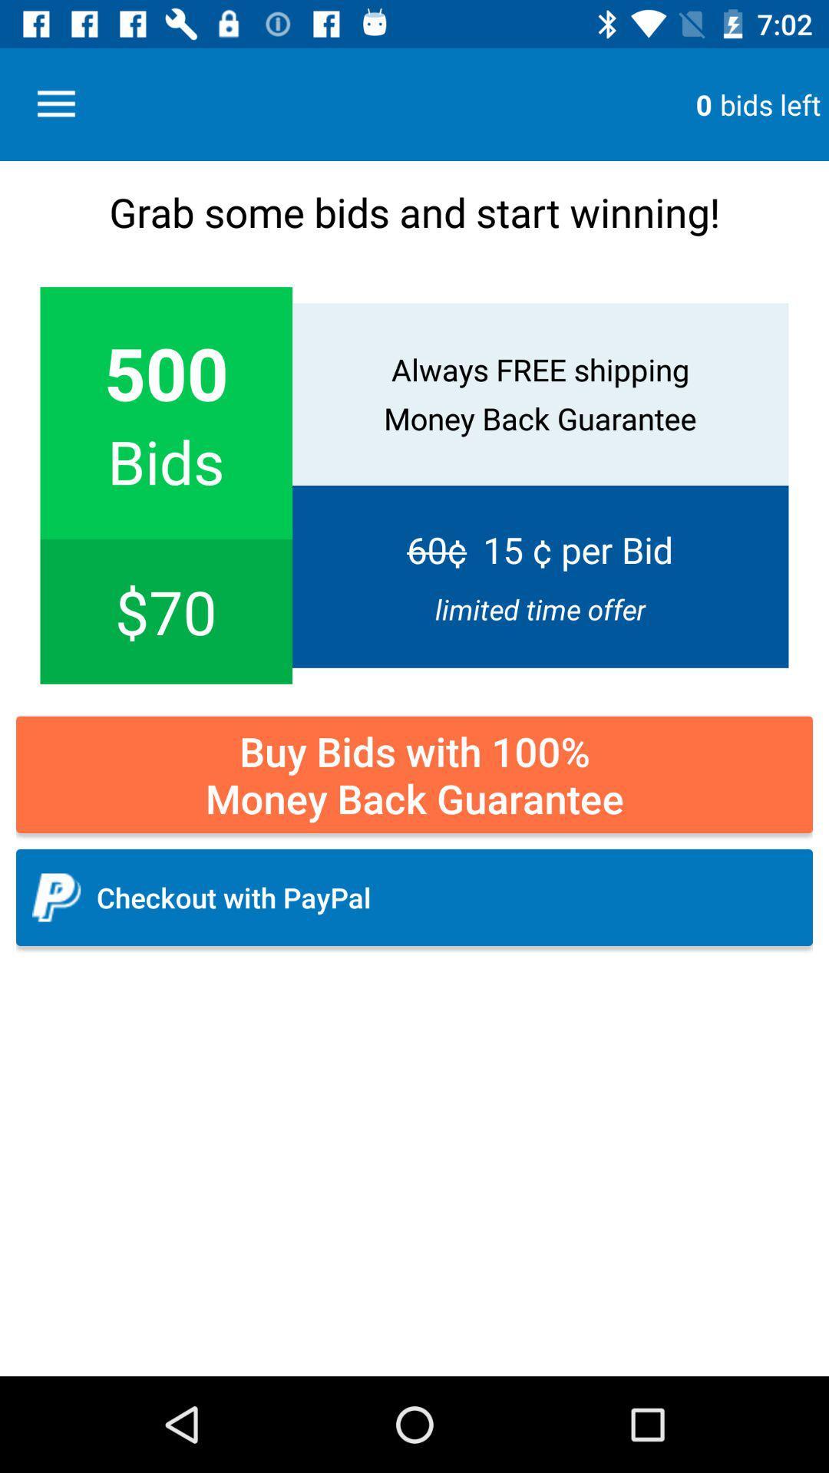  I want to click on the app next to 0 app, so click(55, 104).